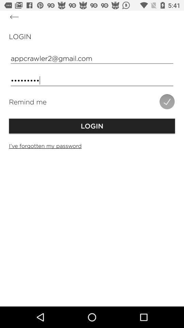  I want to click on icon at the top right corner, so click(167, 101).